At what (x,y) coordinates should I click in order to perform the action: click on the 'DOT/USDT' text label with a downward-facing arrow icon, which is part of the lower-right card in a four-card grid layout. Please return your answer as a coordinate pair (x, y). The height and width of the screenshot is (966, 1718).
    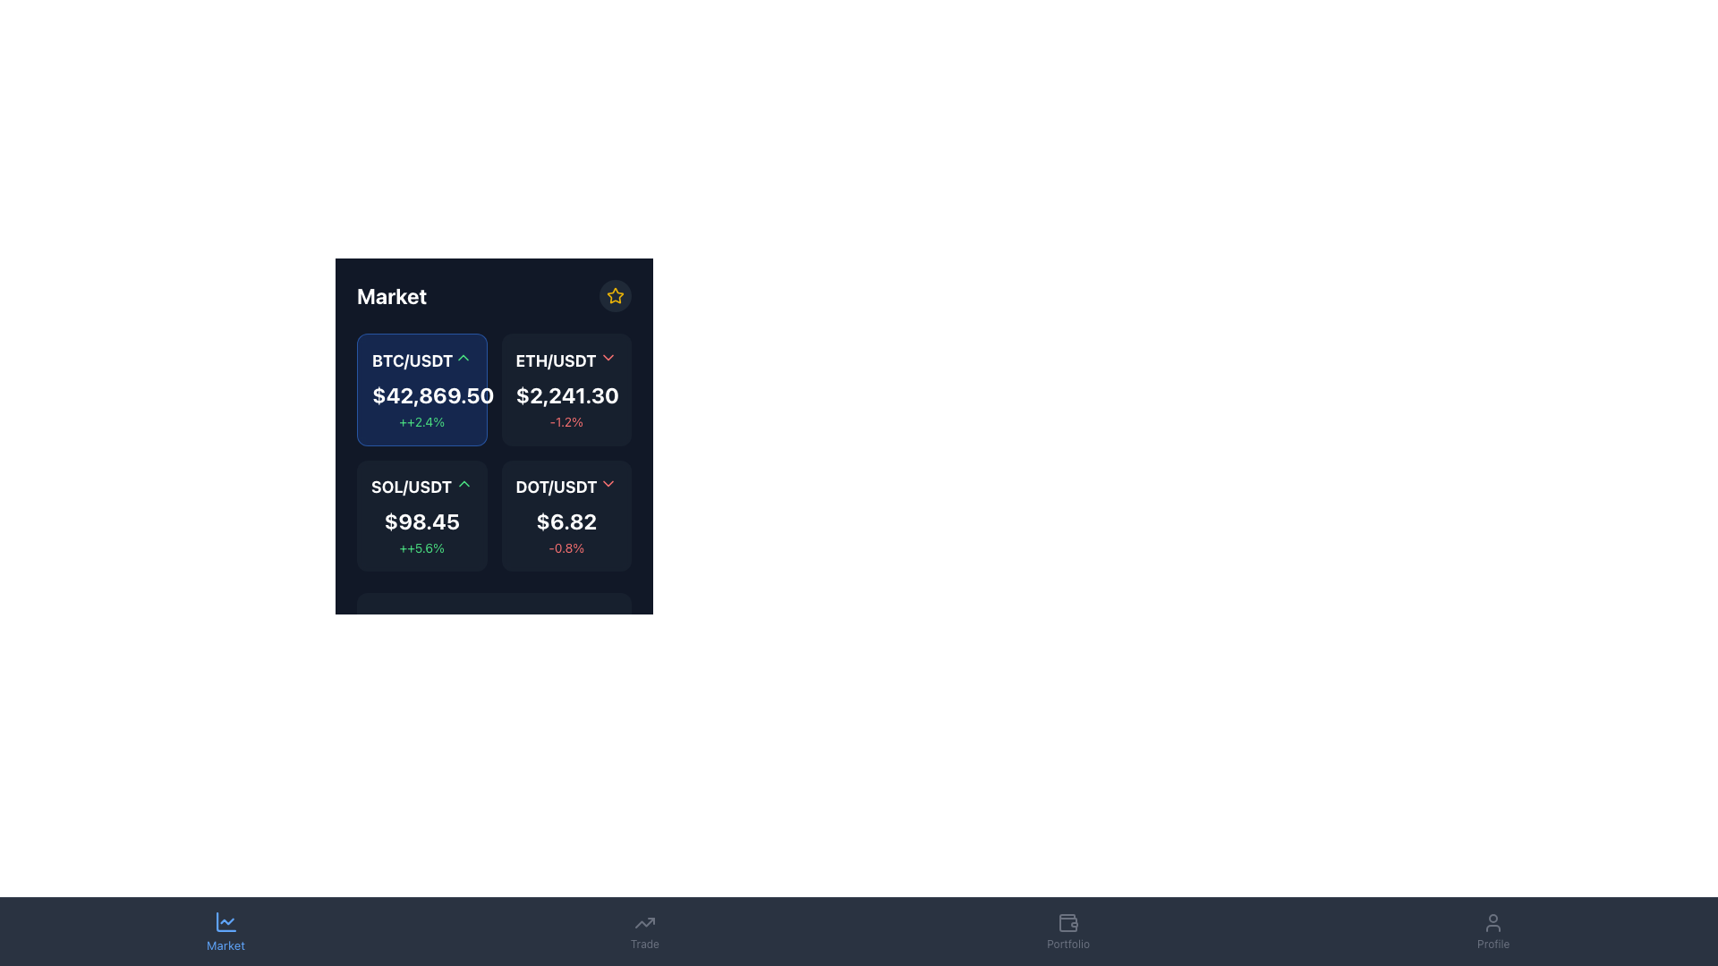
    Looking at the image, I should click on (566, 487).